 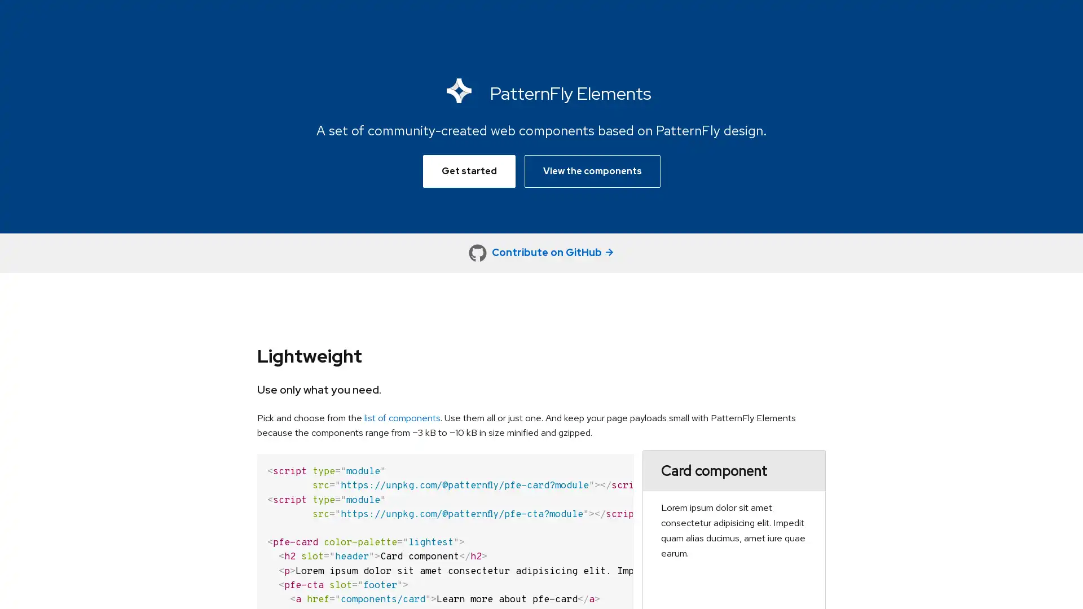 What do you see at coordinates (617, 463) in the screenshot?
I see `Copy` at bounding box center [617, 463].